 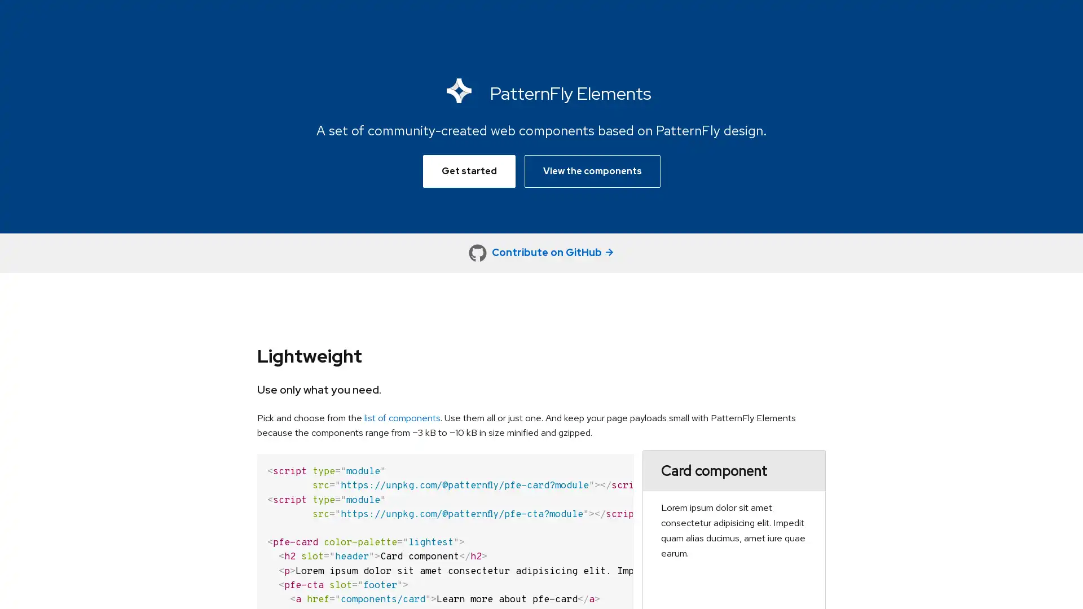 What do you see at coordinates (617, 463) in the screenshot?
I see `Copy` at bounding box center [617, 463].